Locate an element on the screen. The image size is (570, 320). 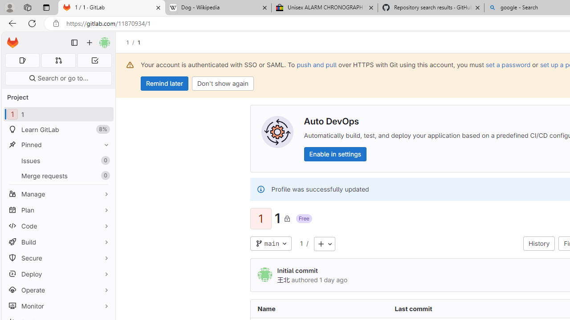
'Unpin Issues' is located at coordinates (104, 160).